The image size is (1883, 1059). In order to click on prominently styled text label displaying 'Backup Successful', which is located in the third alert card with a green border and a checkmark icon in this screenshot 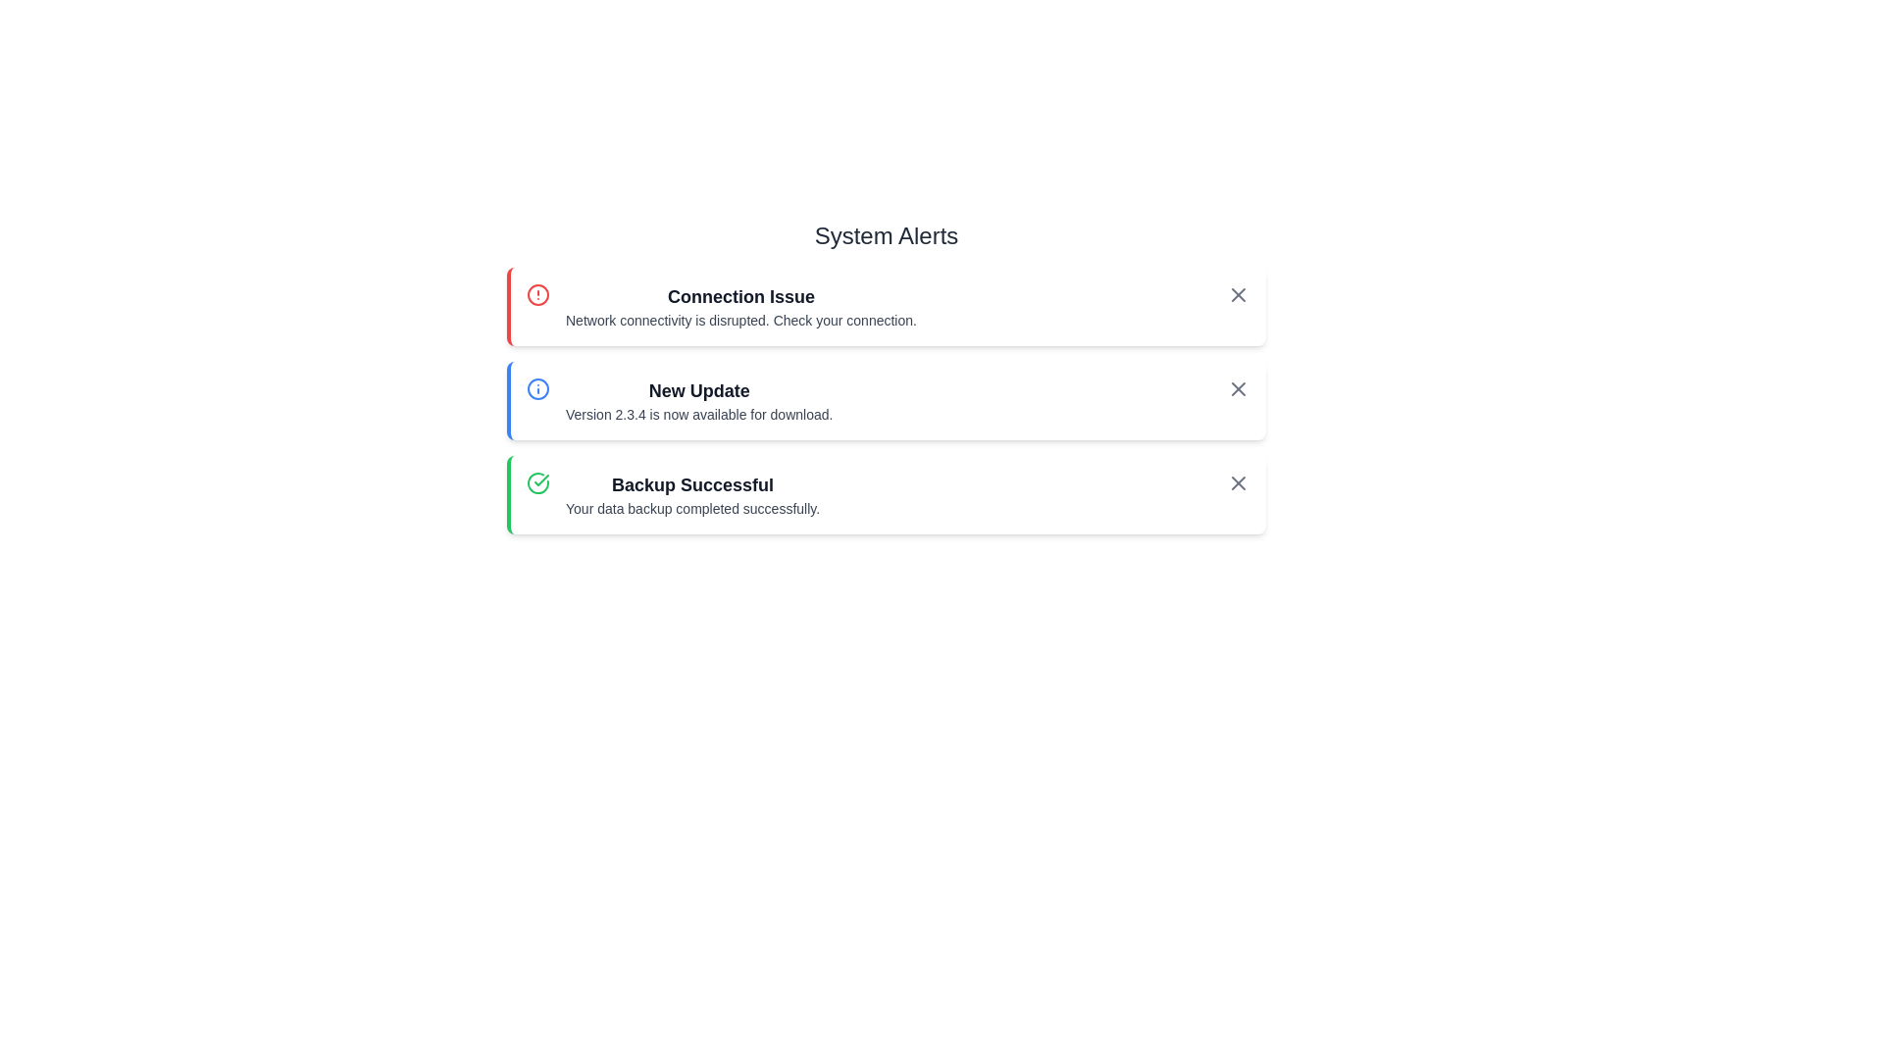, I will do `click(692, 484)`.